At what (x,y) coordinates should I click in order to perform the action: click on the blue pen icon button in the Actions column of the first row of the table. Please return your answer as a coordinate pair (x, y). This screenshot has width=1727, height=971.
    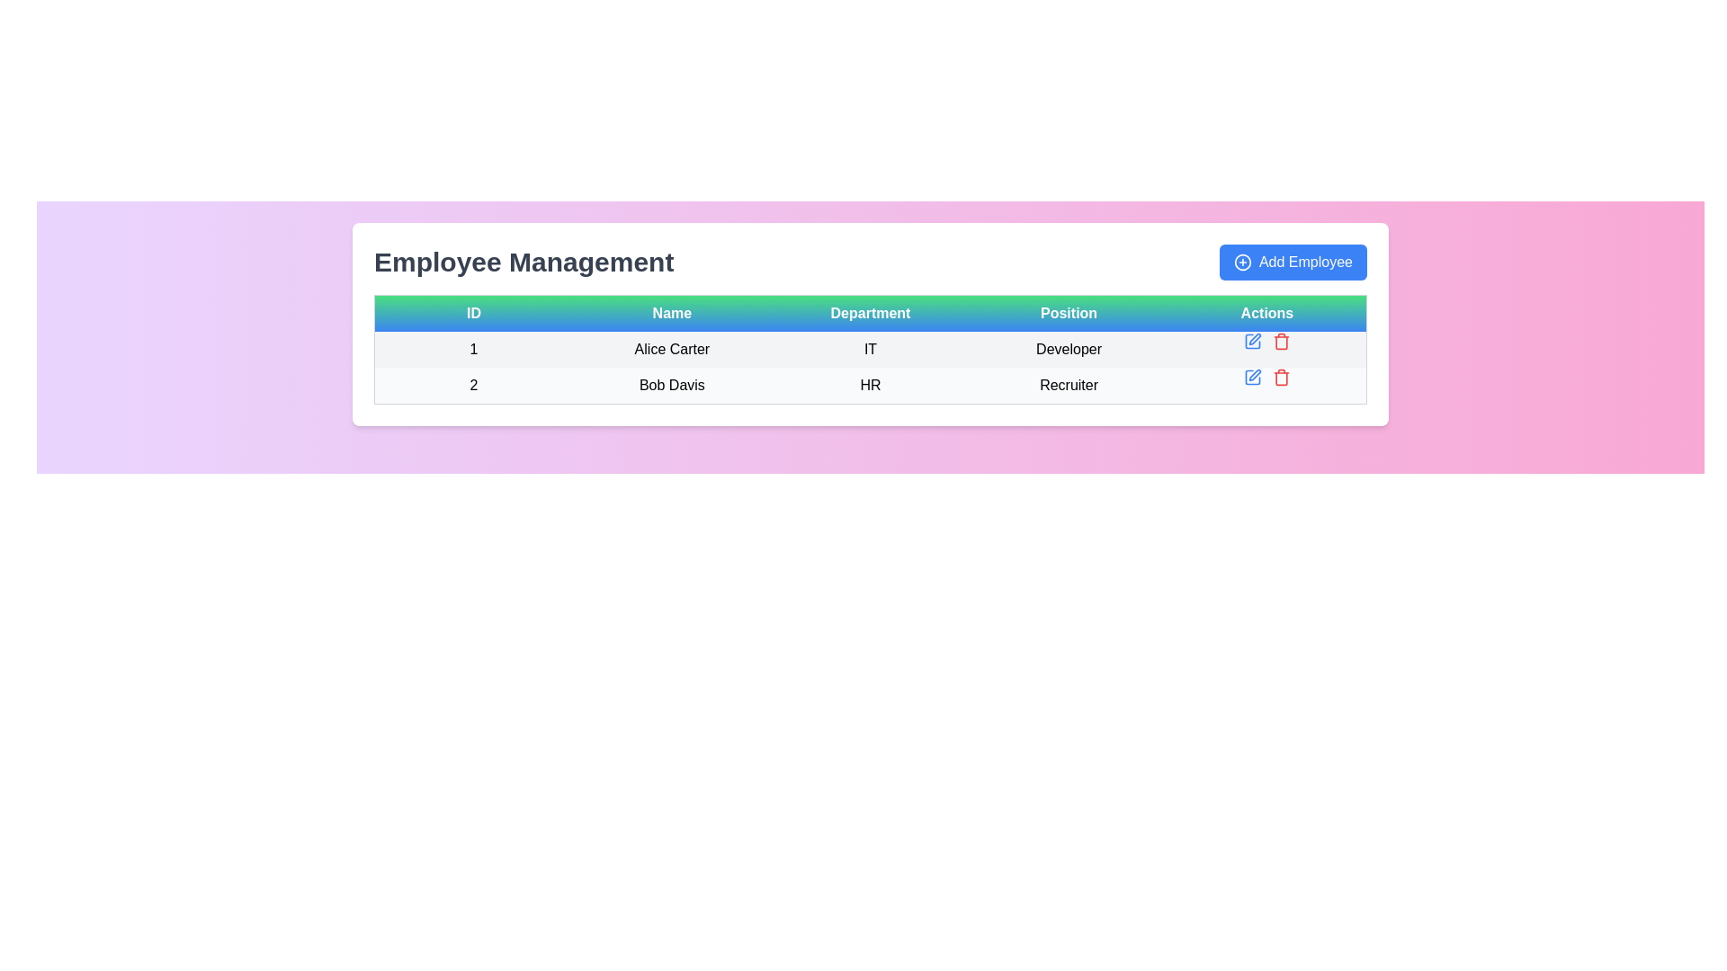
    Looking at the image, I should click on (1251, 342).